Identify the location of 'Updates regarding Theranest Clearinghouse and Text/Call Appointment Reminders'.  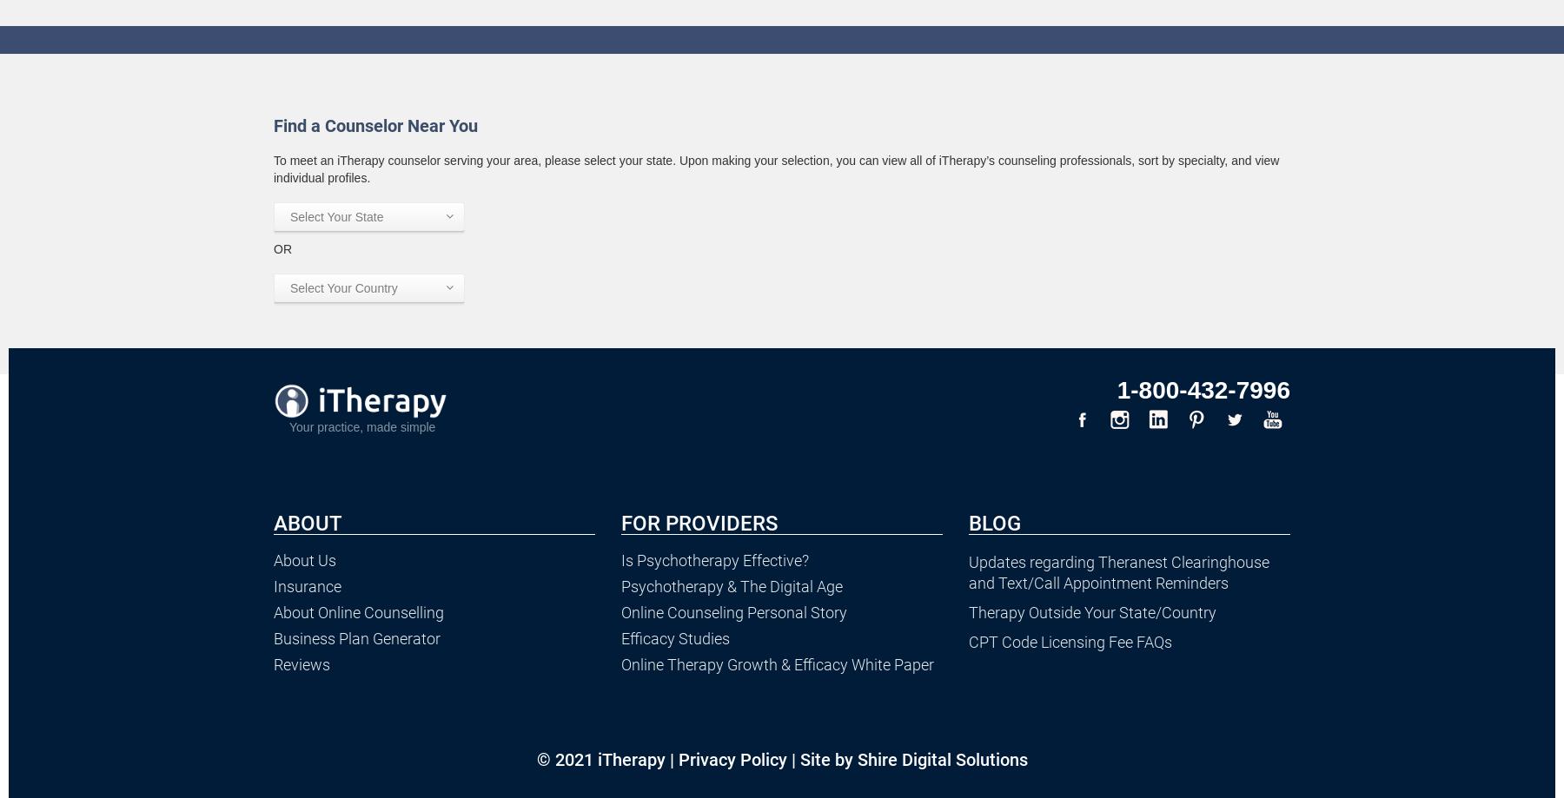
(1119, 571).